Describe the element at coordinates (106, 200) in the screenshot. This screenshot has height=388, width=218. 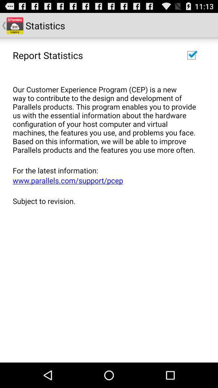
I see `subject to revision.` at that location.